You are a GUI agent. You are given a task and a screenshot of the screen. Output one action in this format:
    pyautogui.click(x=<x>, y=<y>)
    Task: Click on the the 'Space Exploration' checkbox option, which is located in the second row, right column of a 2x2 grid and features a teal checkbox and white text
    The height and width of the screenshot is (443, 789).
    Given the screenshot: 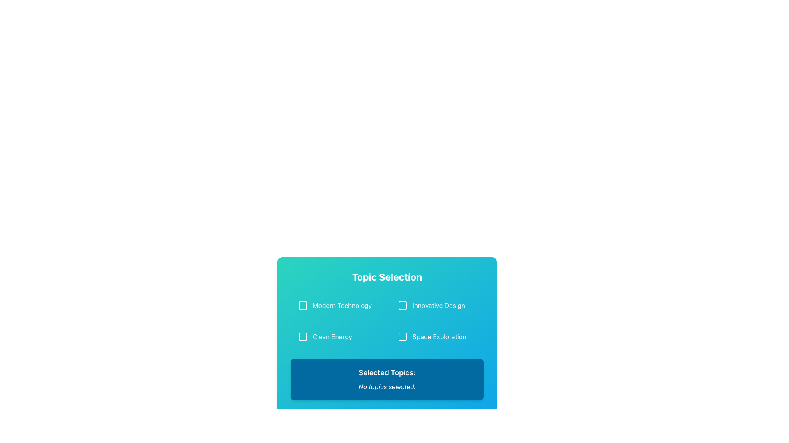 What is the action you would take?
    pyautogui.click(x=436, y=337)
    